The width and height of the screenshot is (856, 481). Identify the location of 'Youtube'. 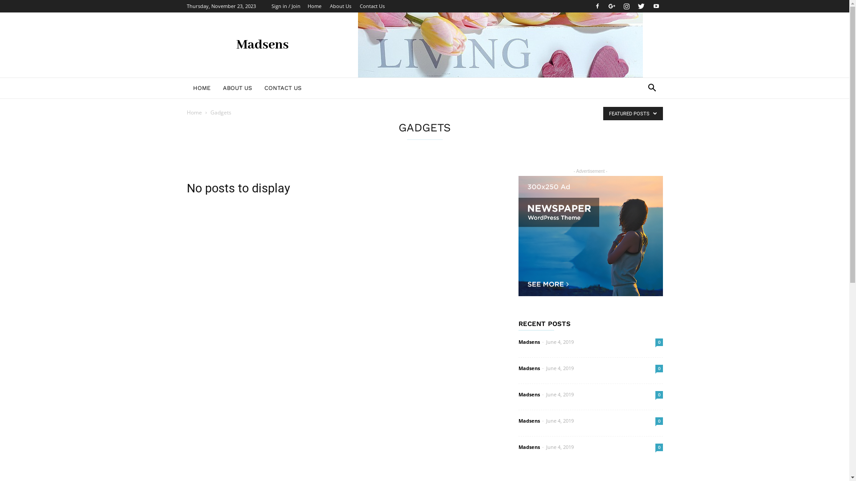
(655, 6).